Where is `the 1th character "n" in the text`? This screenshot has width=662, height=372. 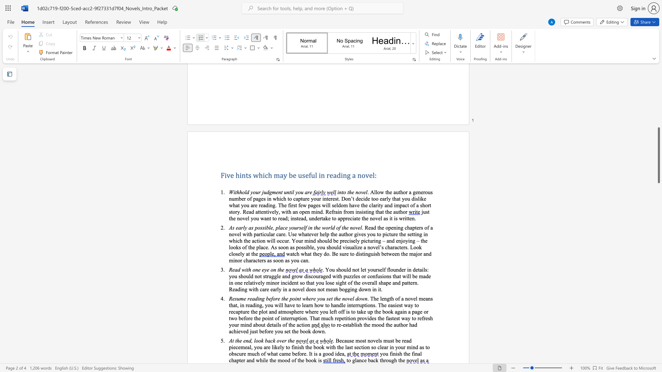 the 1th character "n" in the text is located at coordinates (360, 360).